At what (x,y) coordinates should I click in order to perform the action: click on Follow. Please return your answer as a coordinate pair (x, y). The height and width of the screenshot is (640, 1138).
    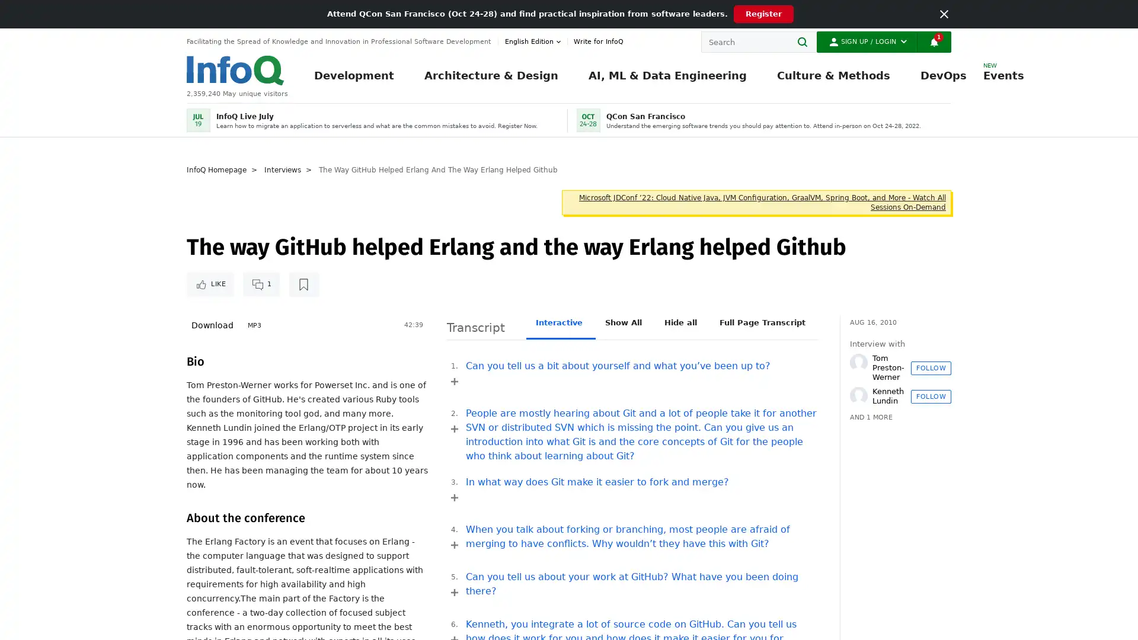
    Looking at the image, I should click on (930, 396).